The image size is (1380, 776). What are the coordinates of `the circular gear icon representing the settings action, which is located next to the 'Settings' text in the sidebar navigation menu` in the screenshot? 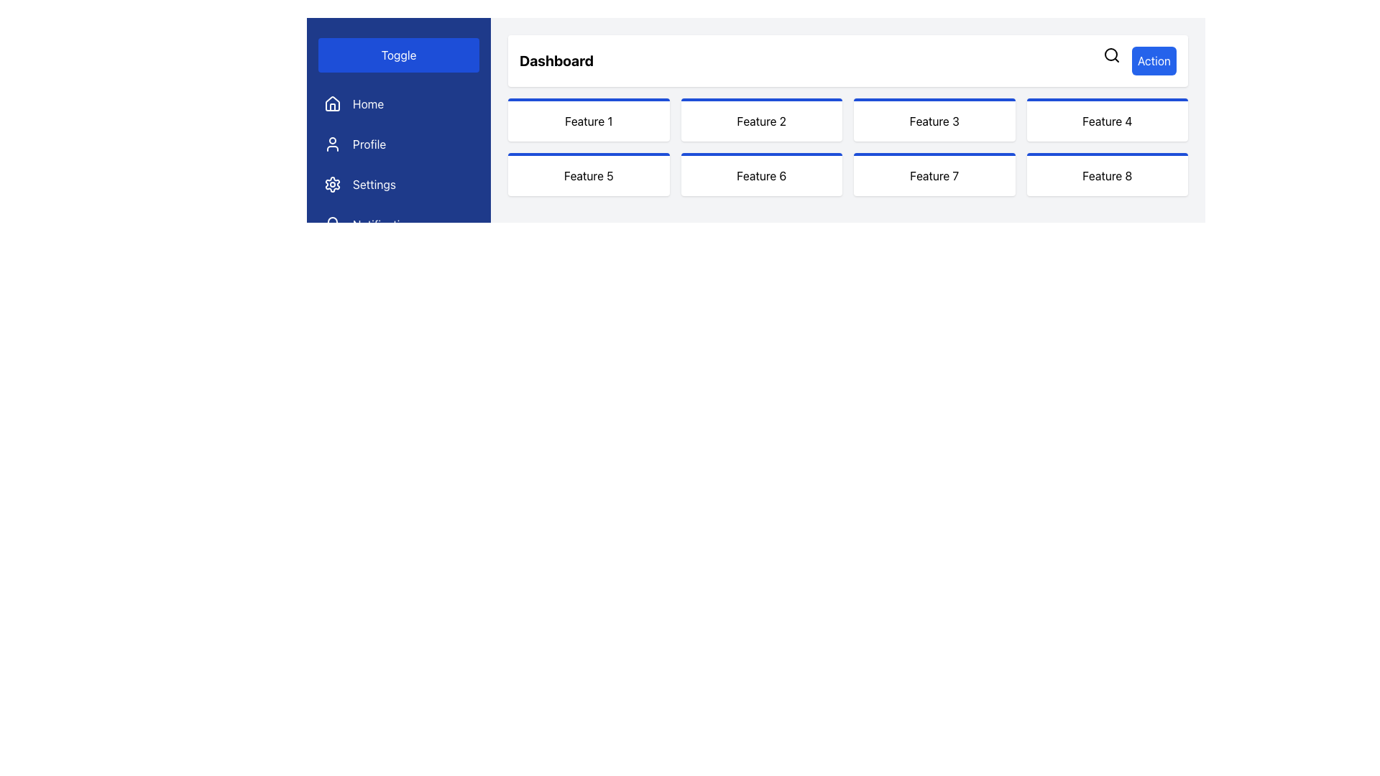 It's located at (331, 184).